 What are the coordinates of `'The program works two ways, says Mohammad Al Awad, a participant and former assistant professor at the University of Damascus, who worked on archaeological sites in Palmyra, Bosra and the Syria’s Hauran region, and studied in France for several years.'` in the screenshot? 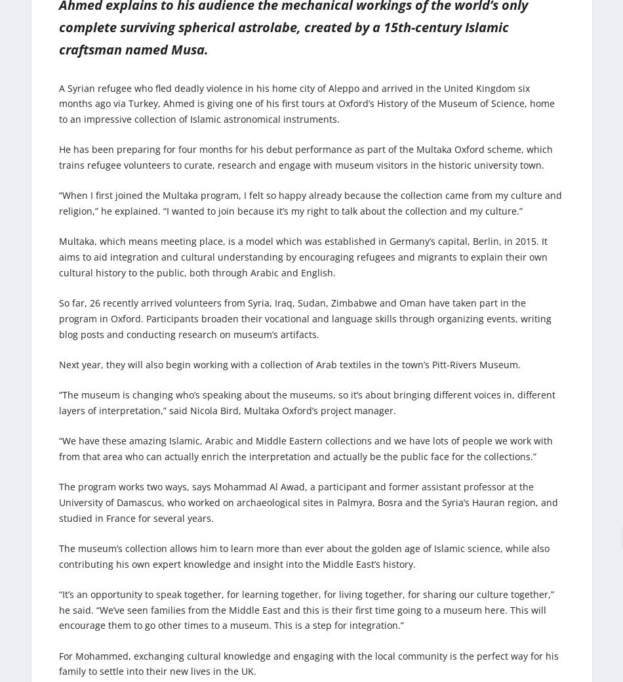 It's located at (308, 501).